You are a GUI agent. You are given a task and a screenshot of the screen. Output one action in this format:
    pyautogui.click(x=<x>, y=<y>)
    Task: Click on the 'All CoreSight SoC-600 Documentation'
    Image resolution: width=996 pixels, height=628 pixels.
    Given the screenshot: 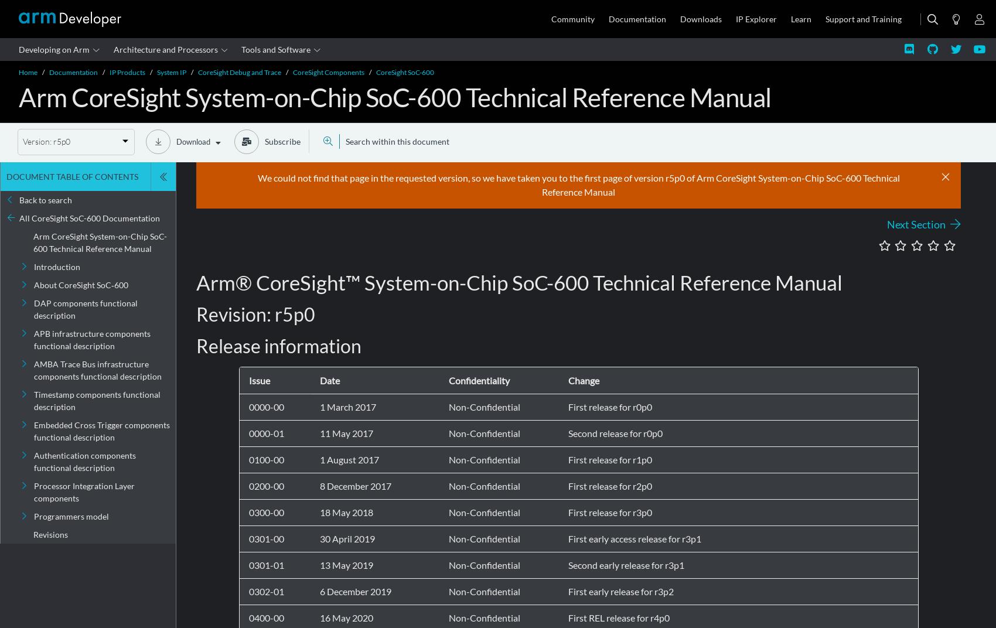 What is the action you would take?
    pyautogui.click(x=89, y=218)
    